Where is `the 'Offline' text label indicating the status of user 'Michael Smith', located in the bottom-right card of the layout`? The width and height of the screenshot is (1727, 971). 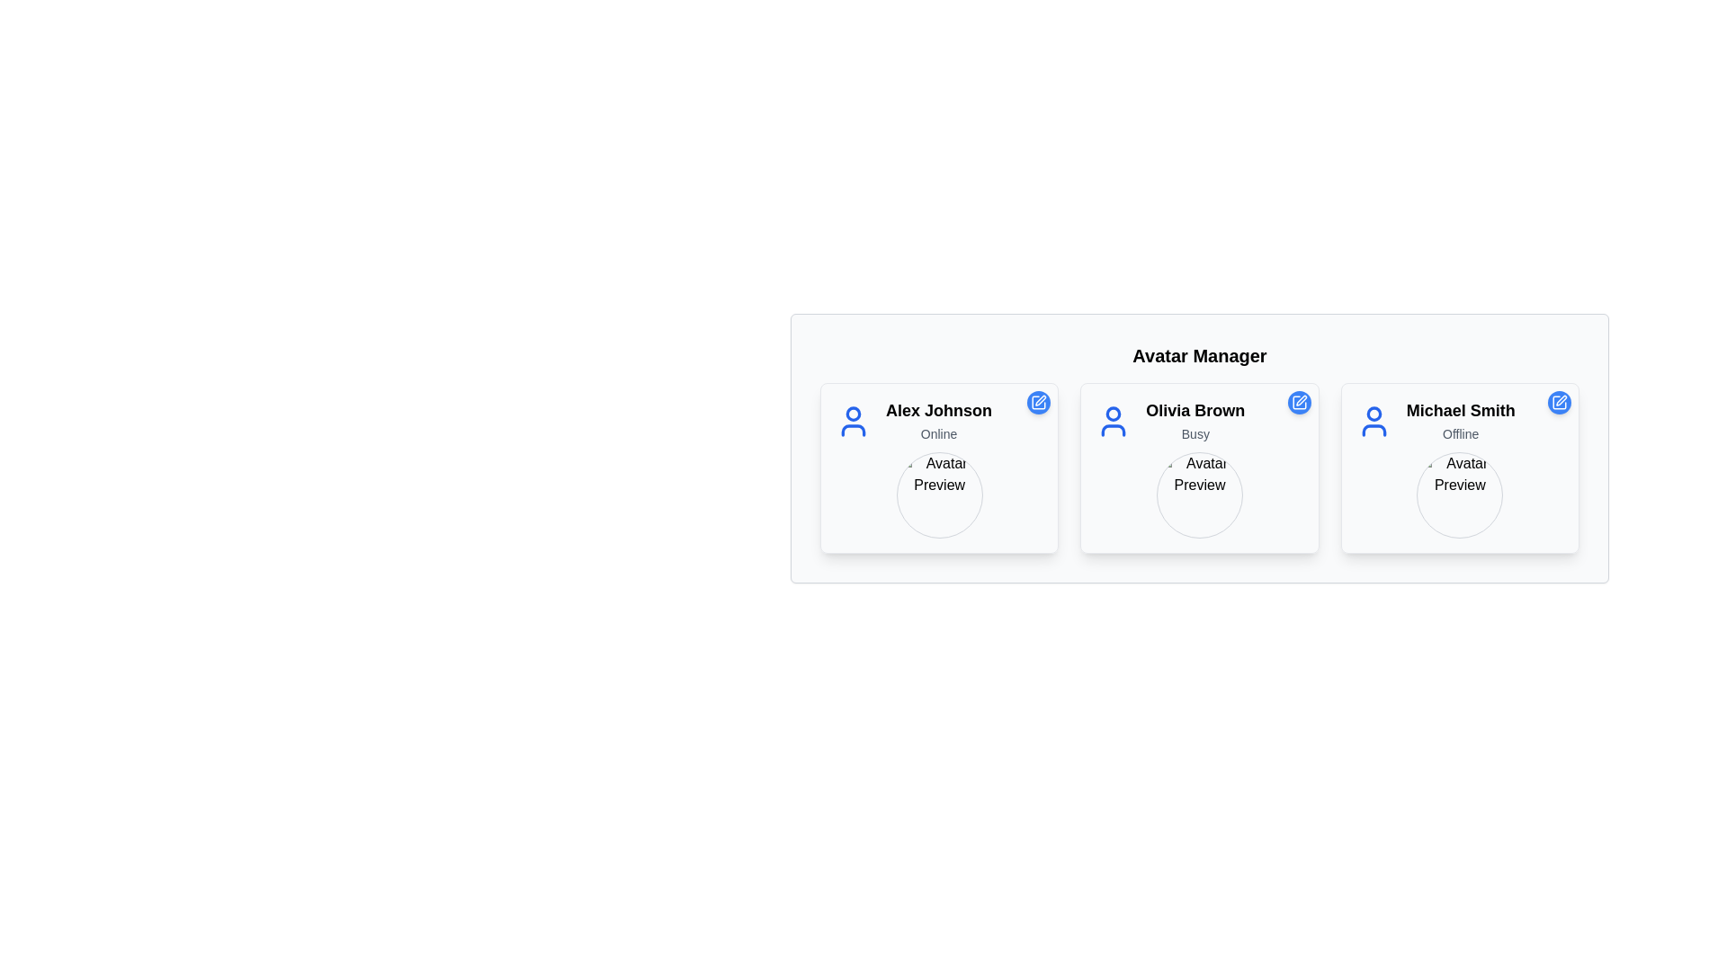 the 'Offline' text label indicating the status of user 'Michael Smith', located in the bottom-right card of the layout is located at coordinates (1461, 433).